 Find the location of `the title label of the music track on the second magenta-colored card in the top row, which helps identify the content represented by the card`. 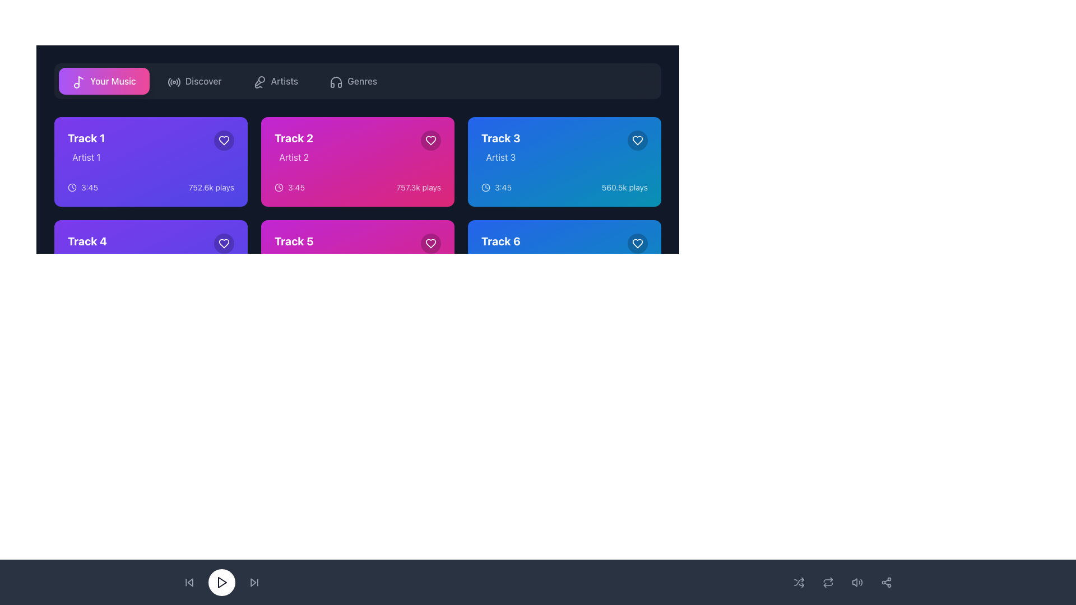

the title label of the music track on the second magenta-colored card in the top row, which helps identify the content represented by the card is located at coordinates (294, 137).